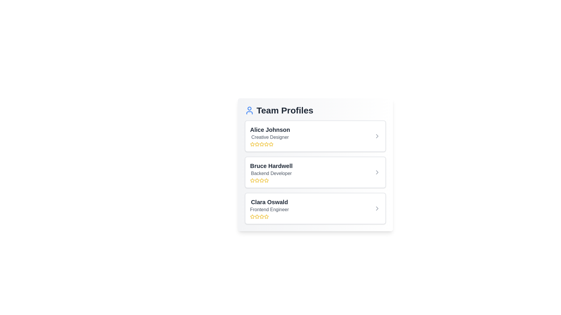 This screenshot has height=315, width=561. What do you see at coordinates (257, 144) in the screenshot?
I see `the rating to 2 stars by clicking on the corresponding star` at bounding box center [257, 144].